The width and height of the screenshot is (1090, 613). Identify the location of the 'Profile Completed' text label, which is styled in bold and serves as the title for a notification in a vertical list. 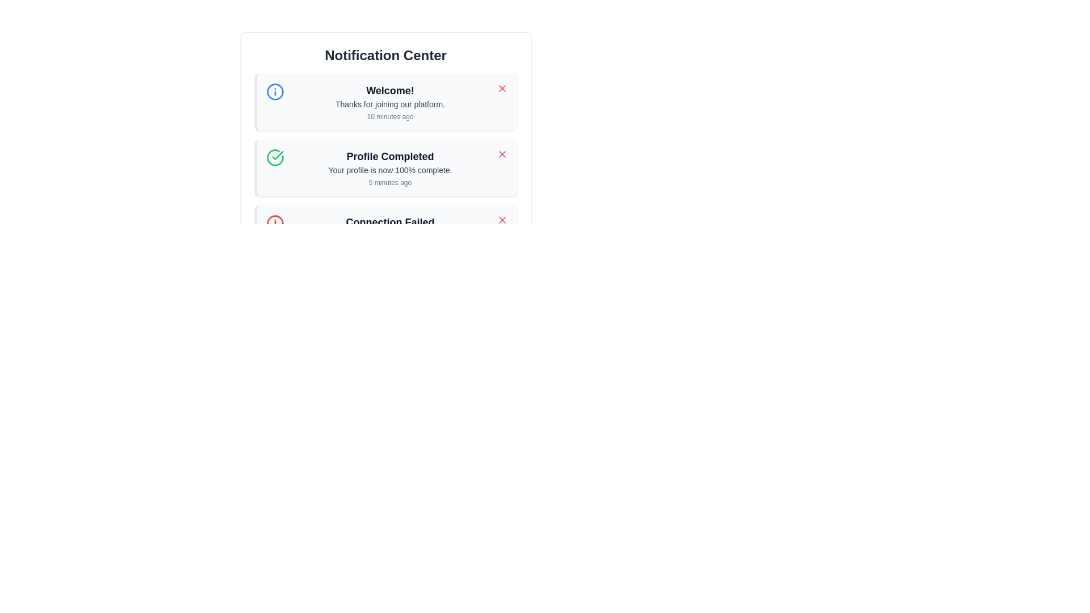
(390, 157).